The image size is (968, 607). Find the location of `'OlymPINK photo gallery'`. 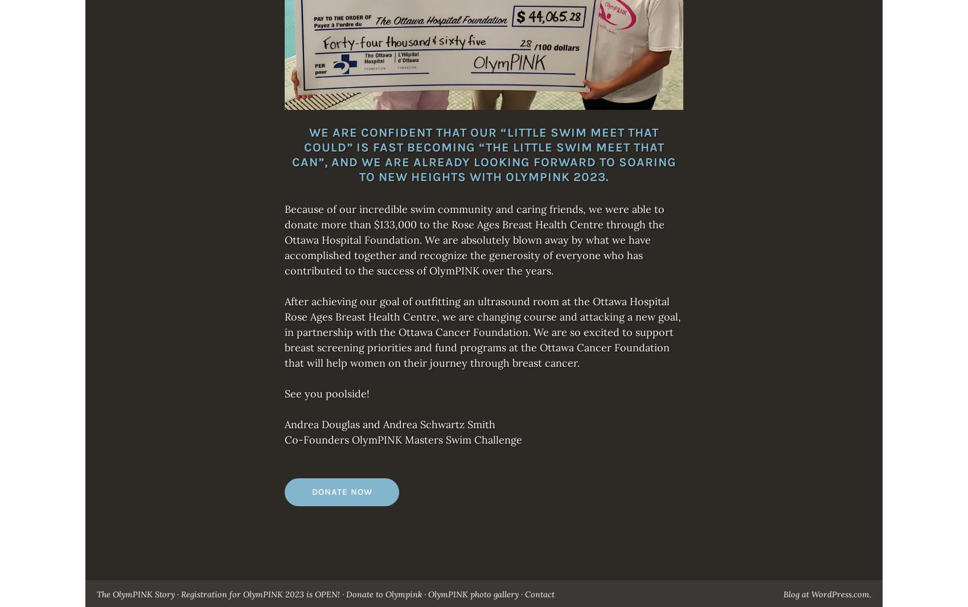

'OlymPINK photo gallery' is located at coordinates (428, 594).